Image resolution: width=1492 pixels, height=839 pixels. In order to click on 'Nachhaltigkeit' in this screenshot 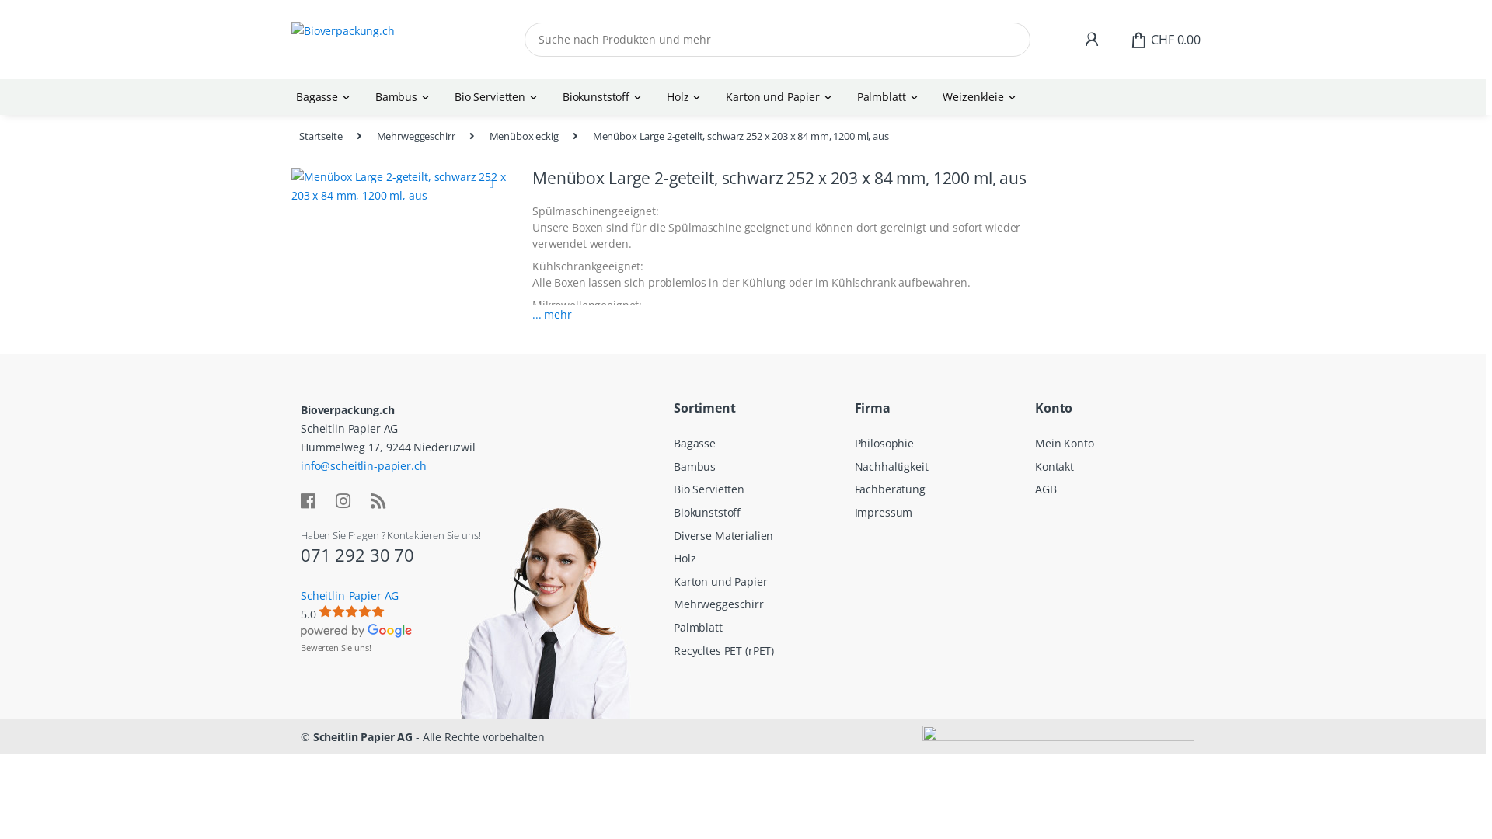, I will do `click(891, 465)`.